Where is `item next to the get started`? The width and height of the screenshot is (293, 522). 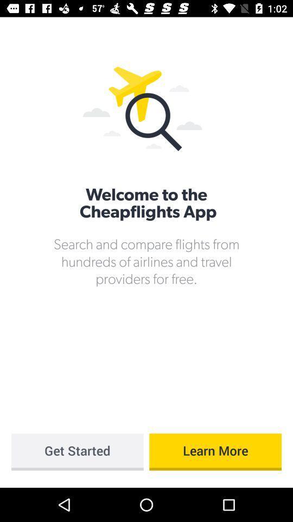
item next to the get started is located at coordinates (215, 452).